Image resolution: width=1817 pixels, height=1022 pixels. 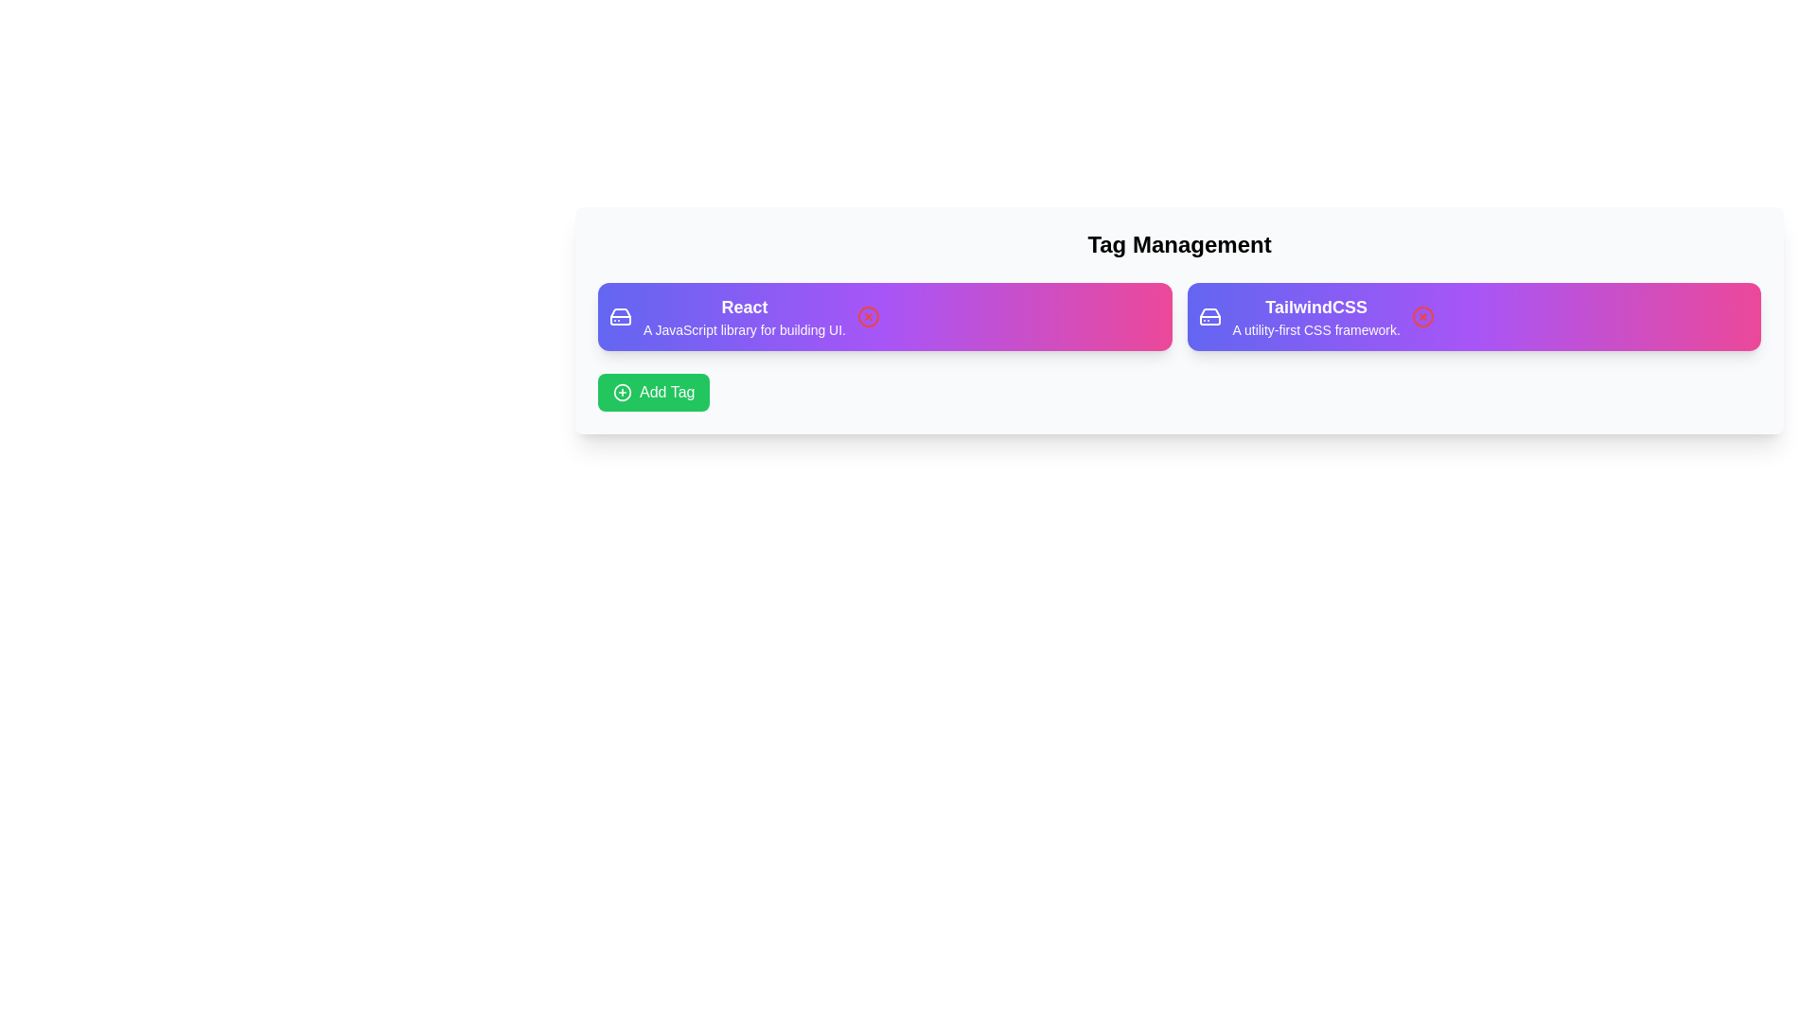 What do you see at coordinates (1208, 316) in the screenshot?
I see `the first icon on the left` at bounding box center [1208, 316].